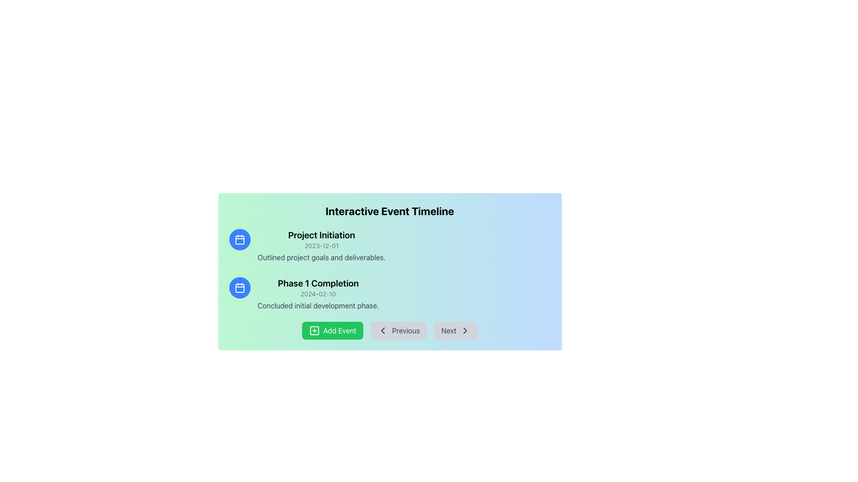 Image resolution: width=858 pixels, height=482 pixels. What do you see at coordinates (321, 235) in the screenshot?
I see `label 'Project Initiation' which is a large, bold black text located above the date '2023-12-01' on a gradient background` at bounding box center [321, 235].